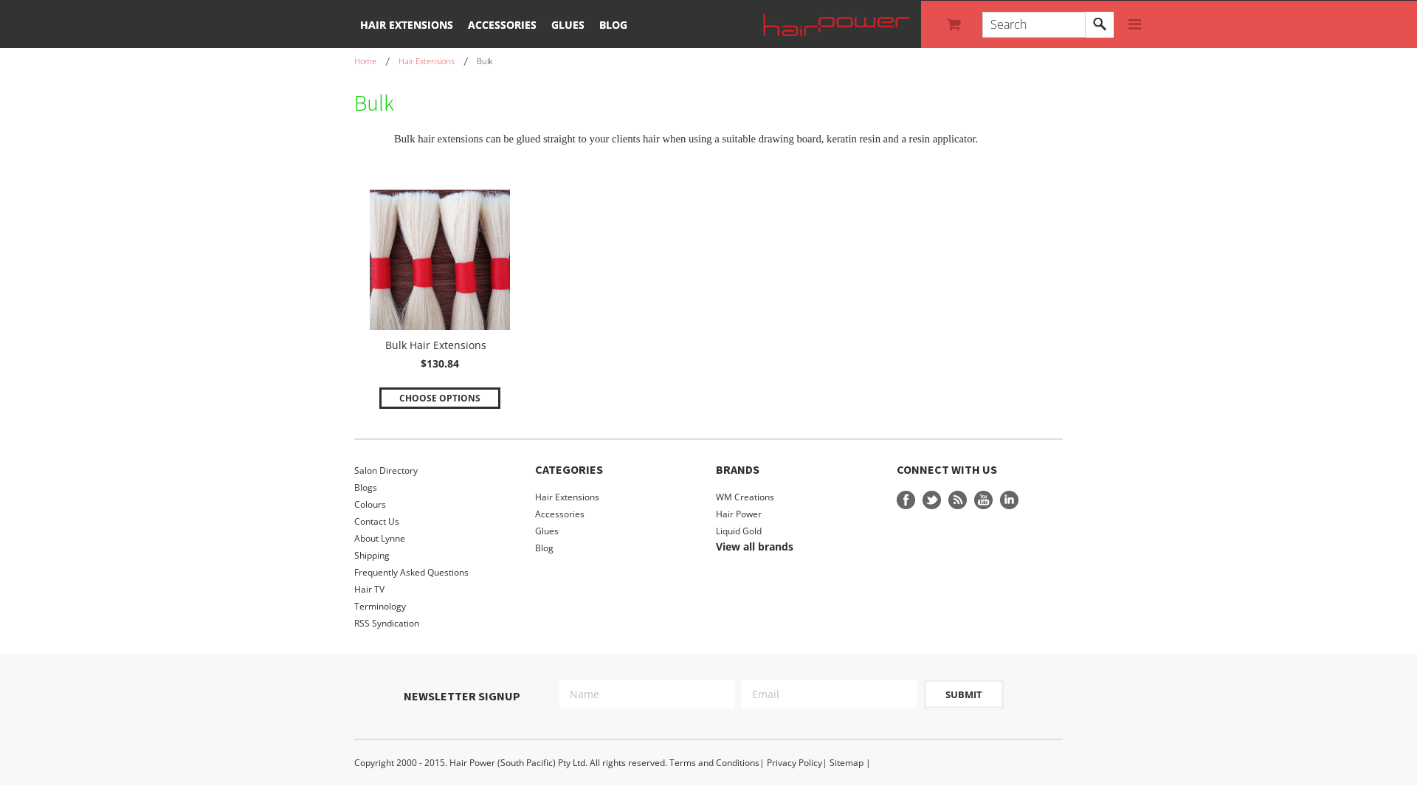 This screenshot has height=797, width=1417. Describe the element at coordinates (613, 24) in the screenshot. I see `'BLOG'` at that location.